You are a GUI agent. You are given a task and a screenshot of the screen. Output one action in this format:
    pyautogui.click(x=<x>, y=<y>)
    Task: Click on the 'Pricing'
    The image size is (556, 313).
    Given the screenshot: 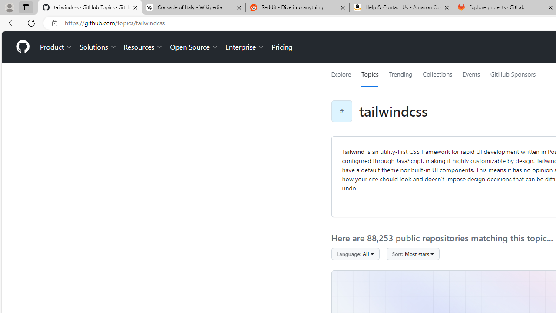 What is the action you would take?
    pyautogui.click(x=282, y=47)
    